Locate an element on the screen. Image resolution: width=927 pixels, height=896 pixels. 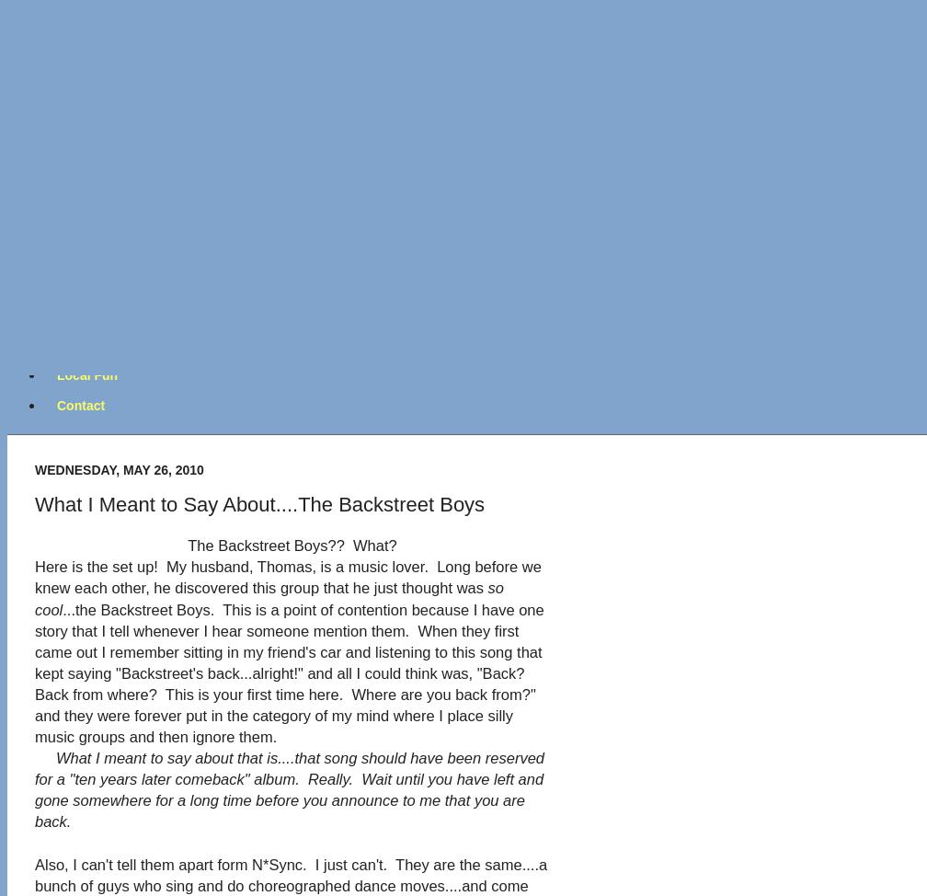
'What I meant to say about that is....that song should have been reserved for a "ten years later comeback" album.  Really.  Wait until you have left and gone somewhere for a long time before you announce to me that you are back.' is located at coordinates (290, 789).